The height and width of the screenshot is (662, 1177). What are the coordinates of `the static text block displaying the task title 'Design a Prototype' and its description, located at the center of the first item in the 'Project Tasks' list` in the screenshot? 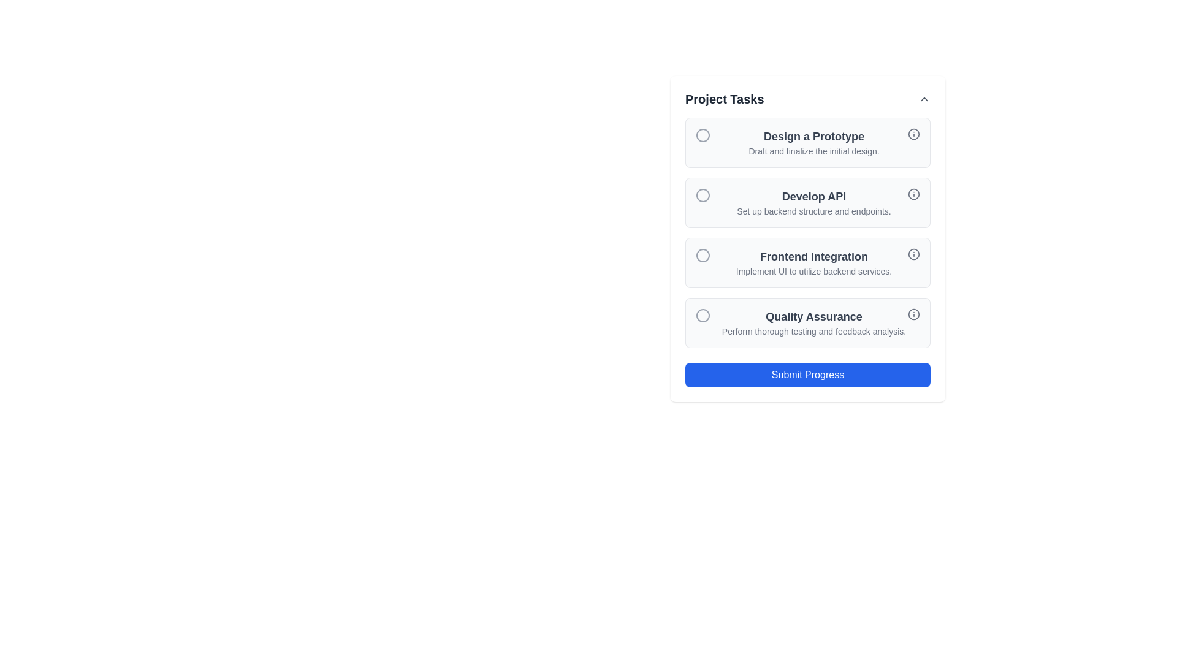 It's located at (814, 142).